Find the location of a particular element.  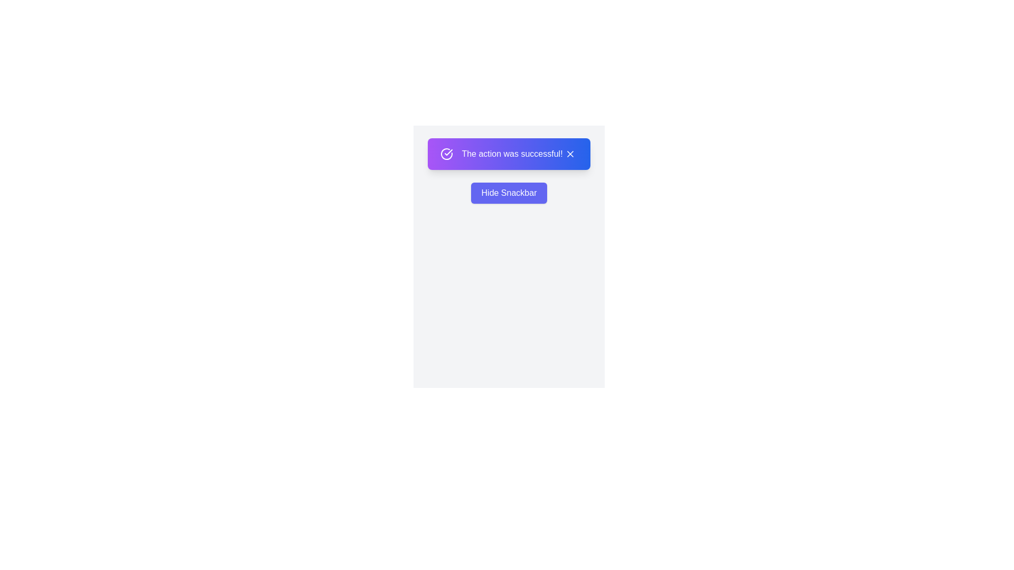

the 'Hide Snackbar' button is located at coordinates (509, 193).